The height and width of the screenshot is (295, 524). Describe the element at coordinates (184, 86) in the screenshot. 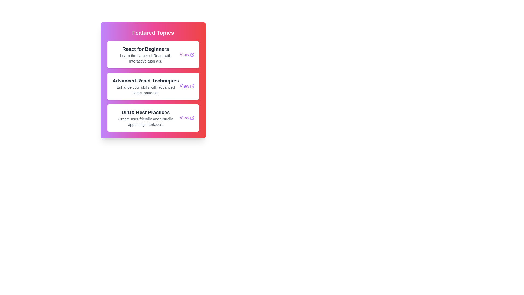

I see `the clickable Text Label in the 'Featured Topics' section that links to 'Advanced React Techniques'` at that location.